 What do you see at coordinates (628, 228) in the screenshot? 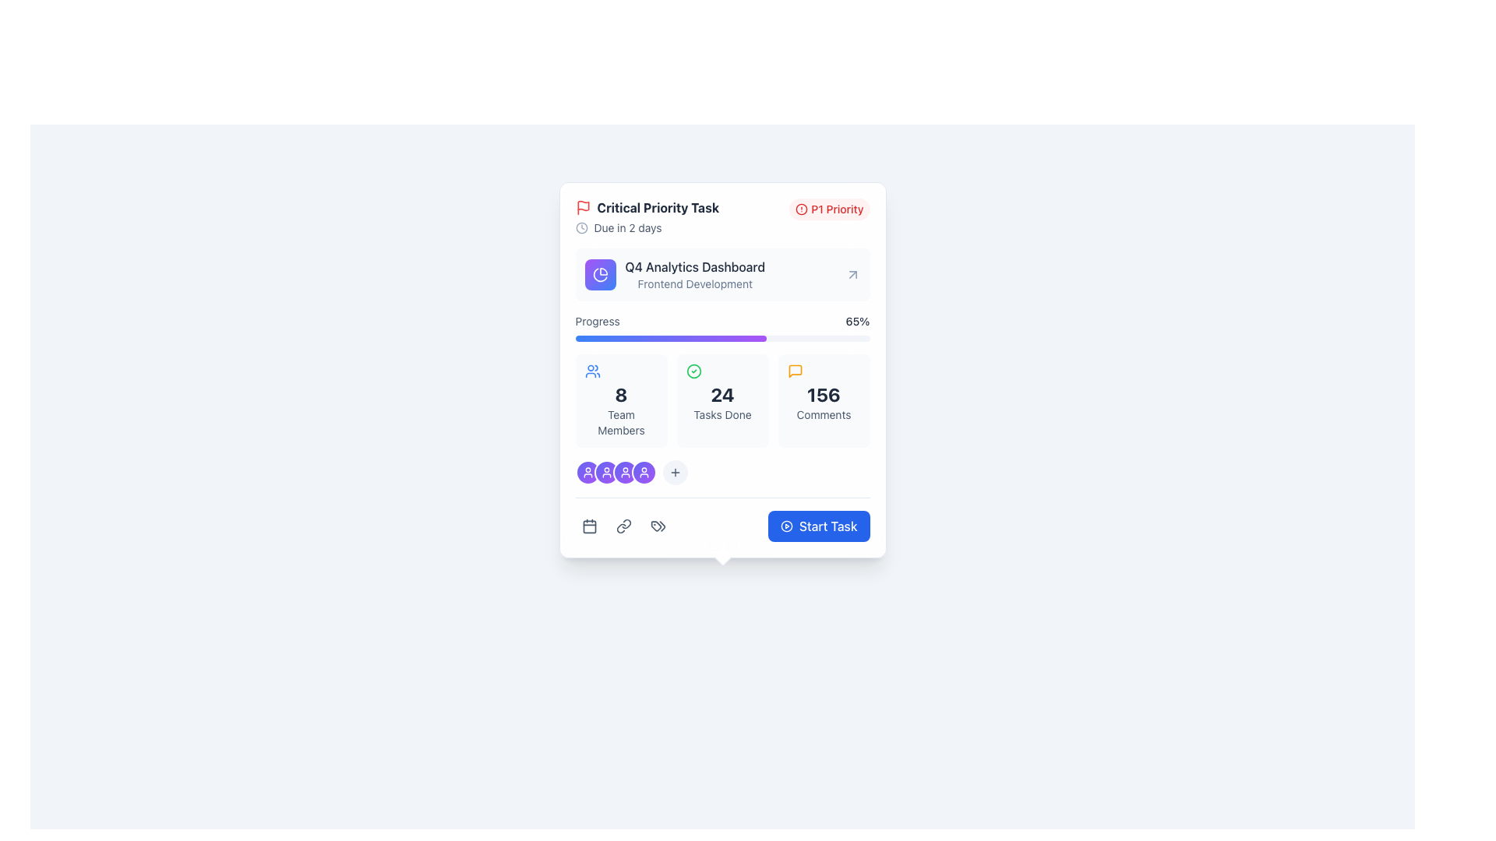
I see `the static text label reading 'Due in 2 days', which is styled in slate-gray and located adjacent to a small clock icon on the 'Critical Priority Task' card` at bounding box center [628, 228].